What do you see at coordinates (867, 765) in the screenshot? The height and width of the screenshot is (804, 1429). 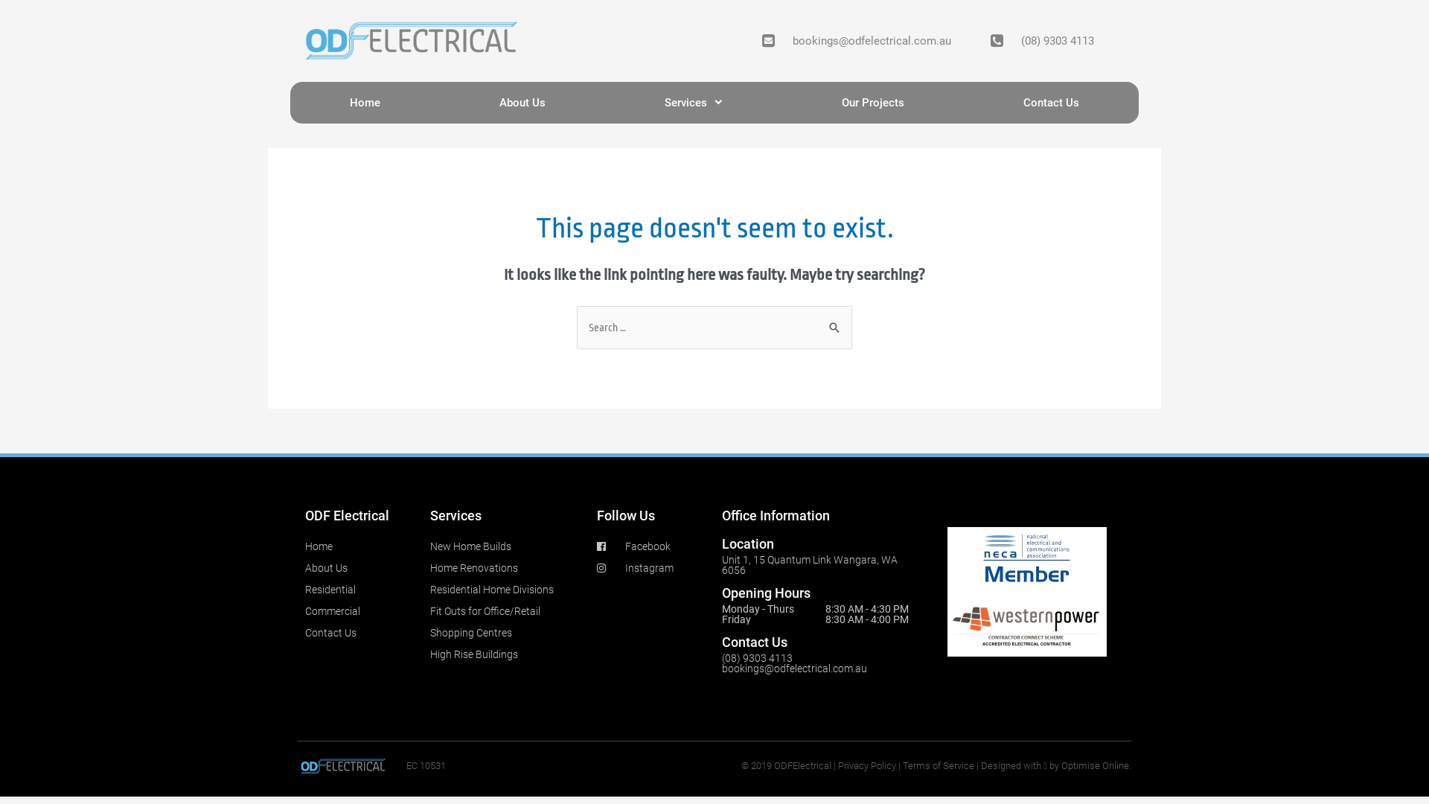 I see `'Privacy Policy'` at bounding box center [867, 765].